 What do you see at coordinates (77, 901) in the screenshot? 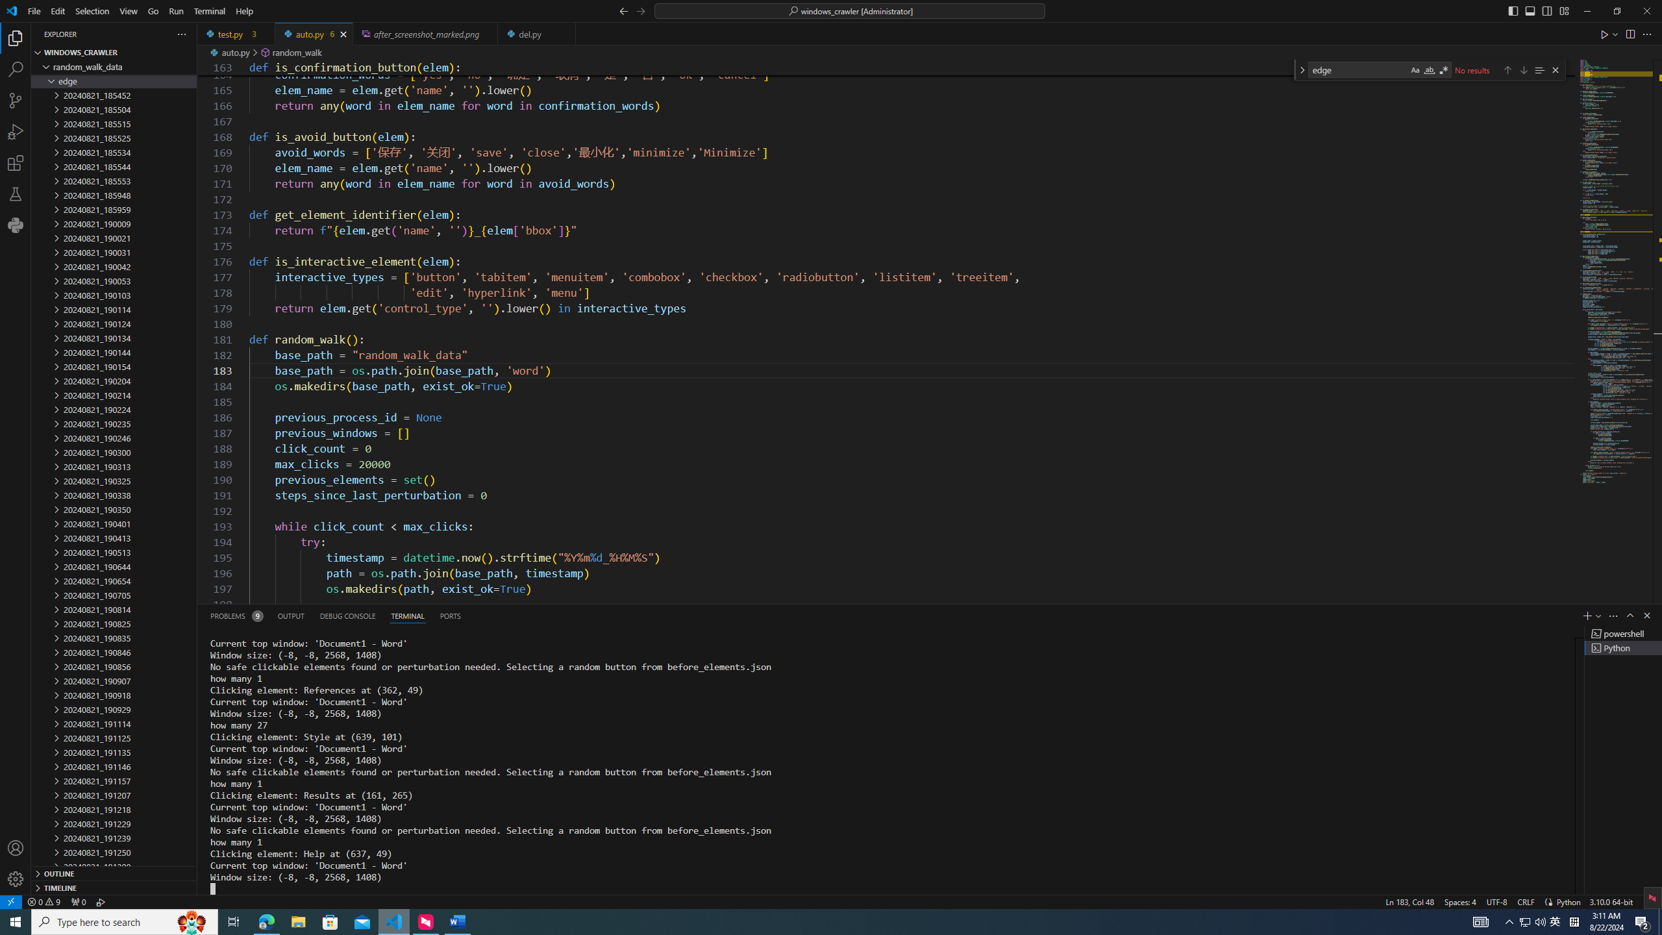
I see `'No Ports Forwarded'` at bounding box center [77, 901].